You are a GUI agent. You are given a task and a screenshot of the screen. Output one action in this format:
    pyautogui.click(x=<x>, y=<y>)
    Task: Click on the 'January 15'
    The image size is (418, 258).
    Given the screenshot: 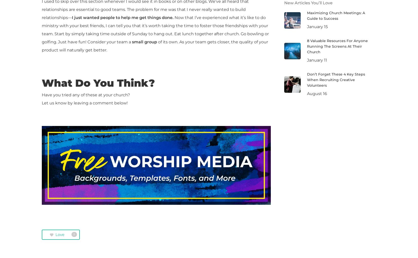 What is the action you would take?
    pyautogui.click(x=307, y=26)
    